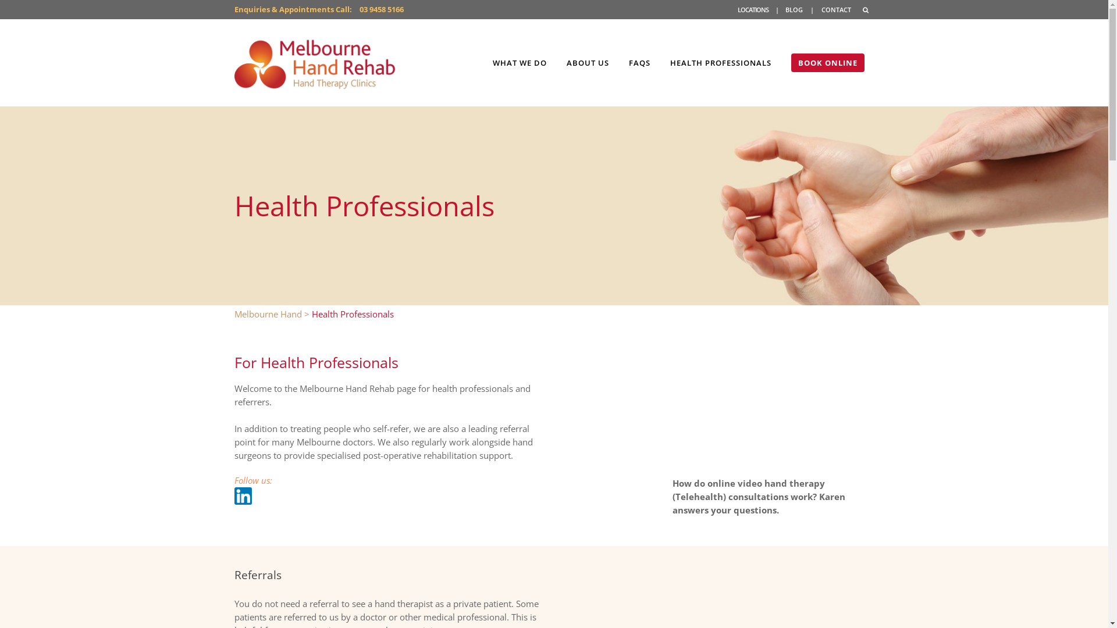 The width and height of the screenshot is (1117, 628). I want to click on 'FAQS', so click(639, 63).